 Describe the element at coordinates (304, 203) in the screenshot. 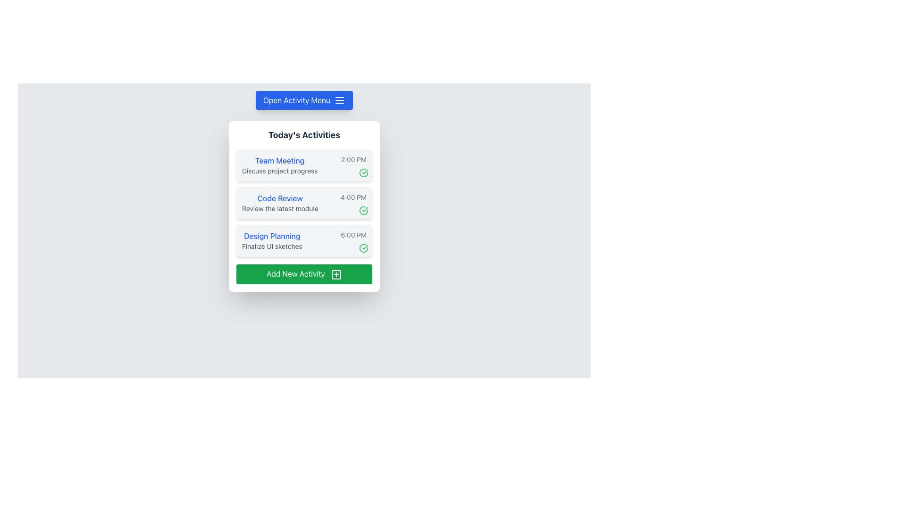

I see `the Activity Card that is the middle card in a vertical stack of three cards titled 'Today's Activities', featuring a blue title, gray description, and a green check-circle icon` at that location.